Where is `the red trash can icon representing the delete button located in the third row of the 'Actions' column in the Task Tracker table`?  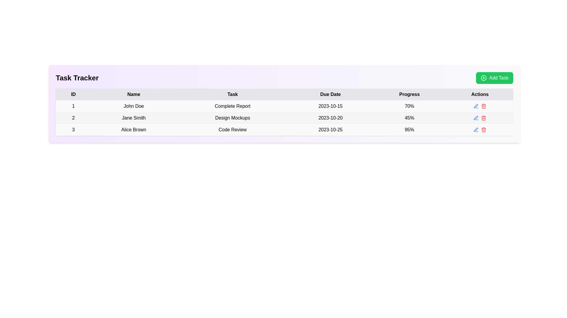 the red trash can icon representing the delete button located in the third row of the 'Actions' column in the Task Tracker table is located at coordinates (484, 107).